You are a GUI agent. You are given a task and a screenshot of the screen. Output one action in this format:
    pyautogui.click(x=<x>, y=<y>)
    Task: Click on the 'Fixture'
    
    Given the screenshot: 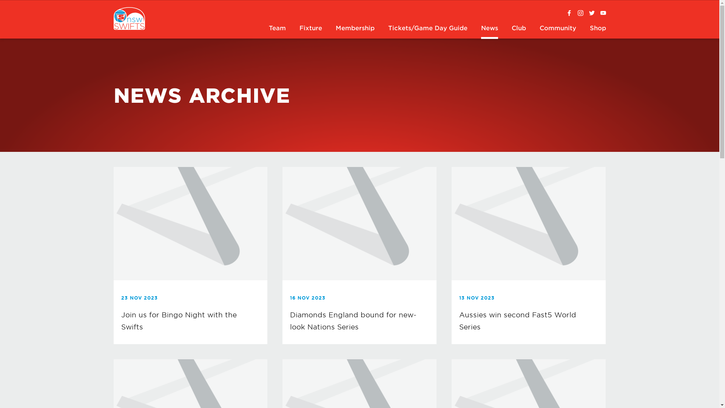 What is the action you would take?
    pyautogui.click(x=310, y=28)
    